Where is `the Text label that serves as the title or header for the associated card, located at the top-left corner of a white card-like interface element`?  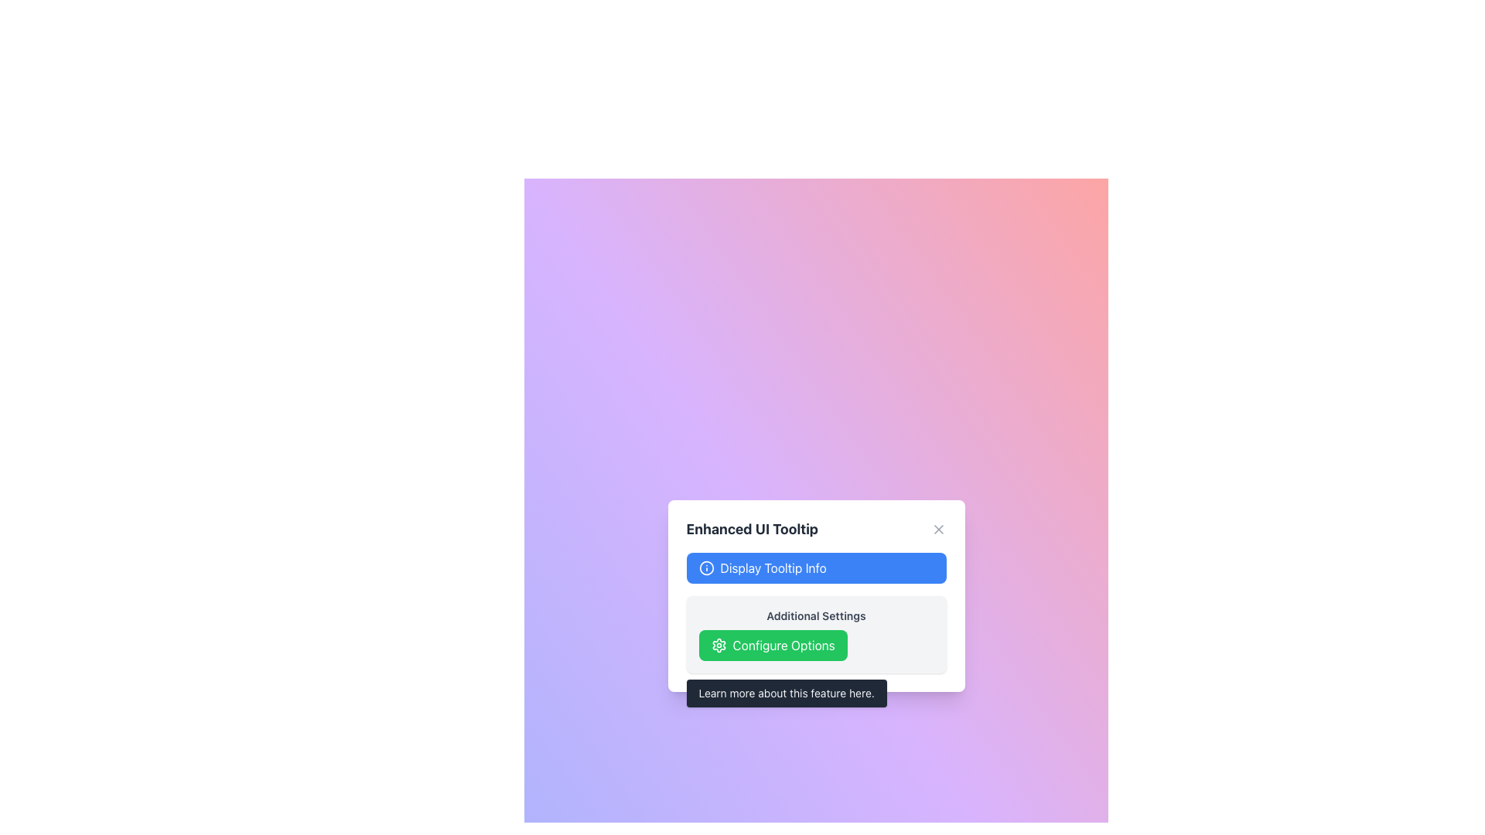
the Text label that serves as the title or header for the associated card, located at the top-left corner of a white card-like interface element is located at coordinates (752, 529).